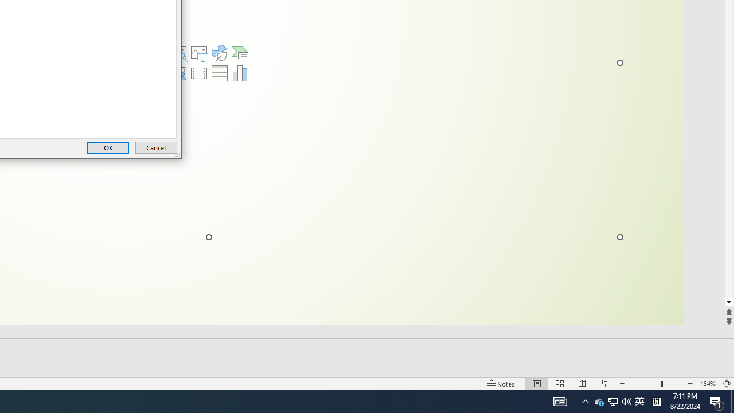 The height and width of the screenshot is (413, 734). Describe the element at coordinates (108, 147) in the screenshot. I see `'OK'` at that location.